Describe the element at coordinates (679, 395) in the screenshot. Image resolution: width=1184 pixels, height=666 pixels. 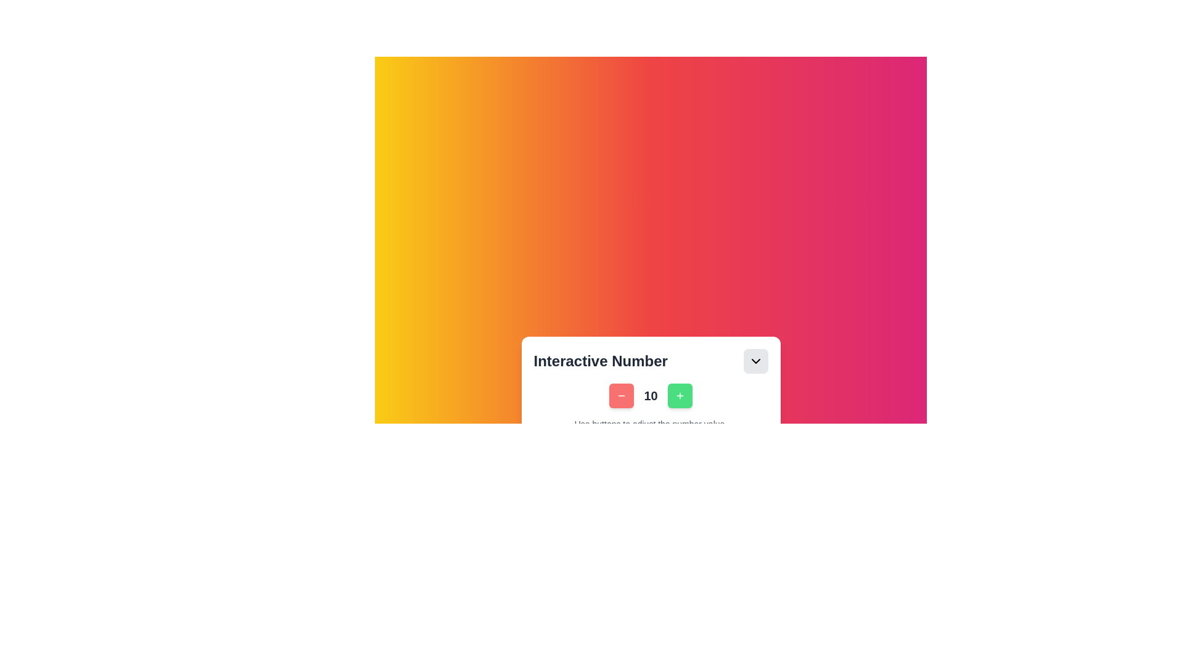
I see `the increment button located to the right of the numerical display '10' within the 'Interactive Number' control interface` at that location.